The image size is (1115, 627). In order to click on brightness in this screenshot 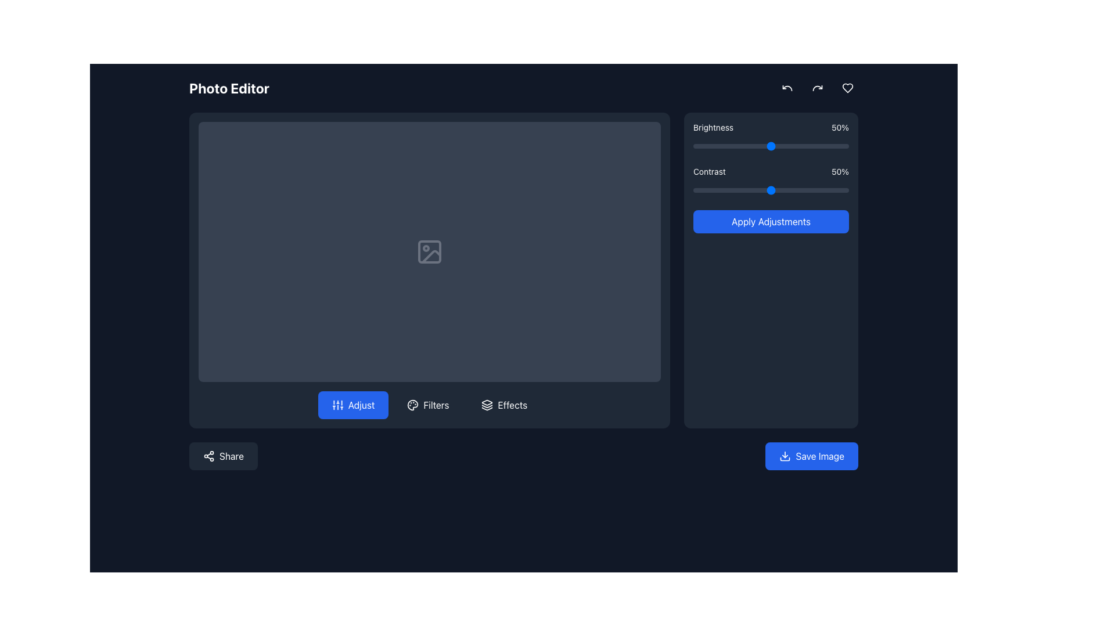, I will do `click(772, 145)`.